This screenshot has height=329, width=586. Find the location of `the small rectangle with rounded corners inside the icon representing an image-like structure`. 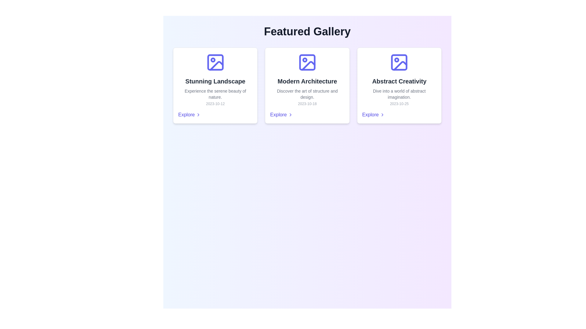

the small rectangle with rounded corners inside the icon representing an image-like structure is located at coordinates (399, 62).